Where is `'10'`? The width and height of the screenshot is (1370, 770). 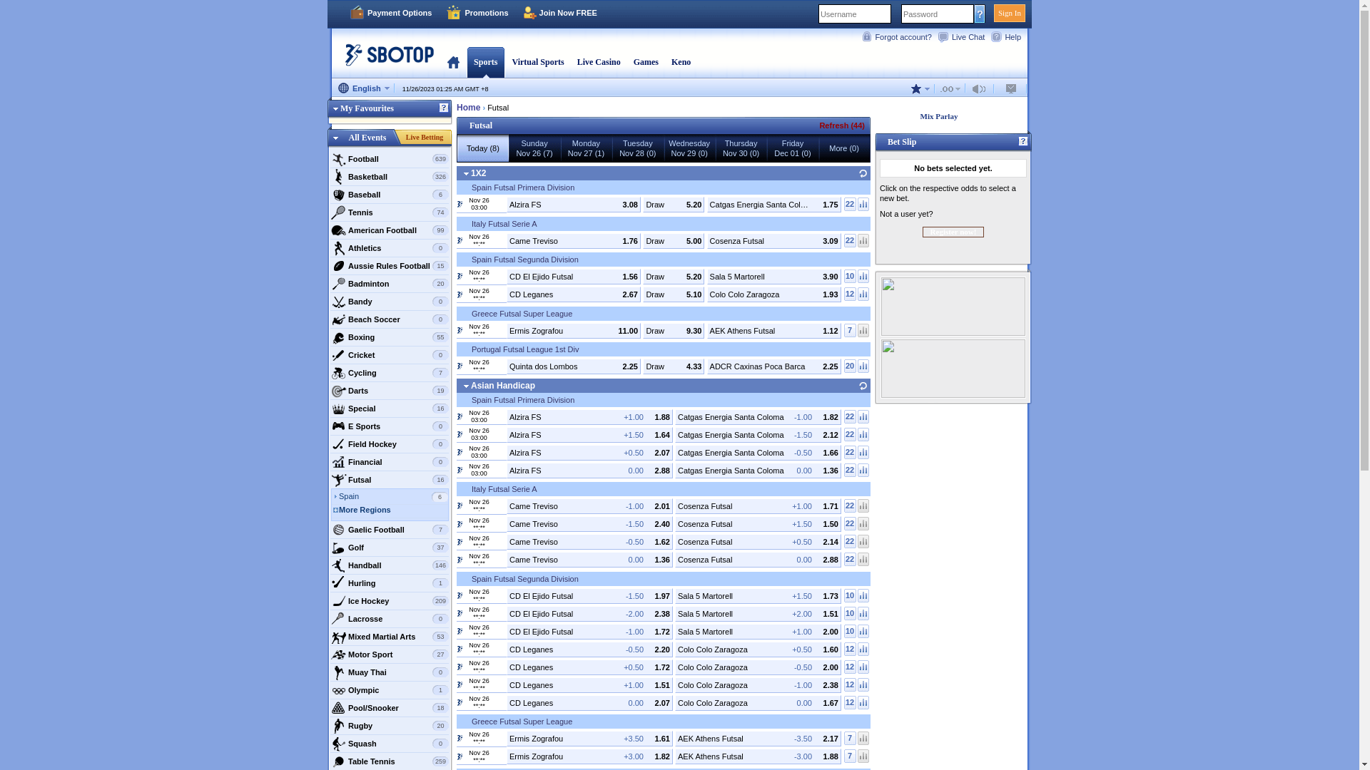 '10' is located at coordinates (850, 595).